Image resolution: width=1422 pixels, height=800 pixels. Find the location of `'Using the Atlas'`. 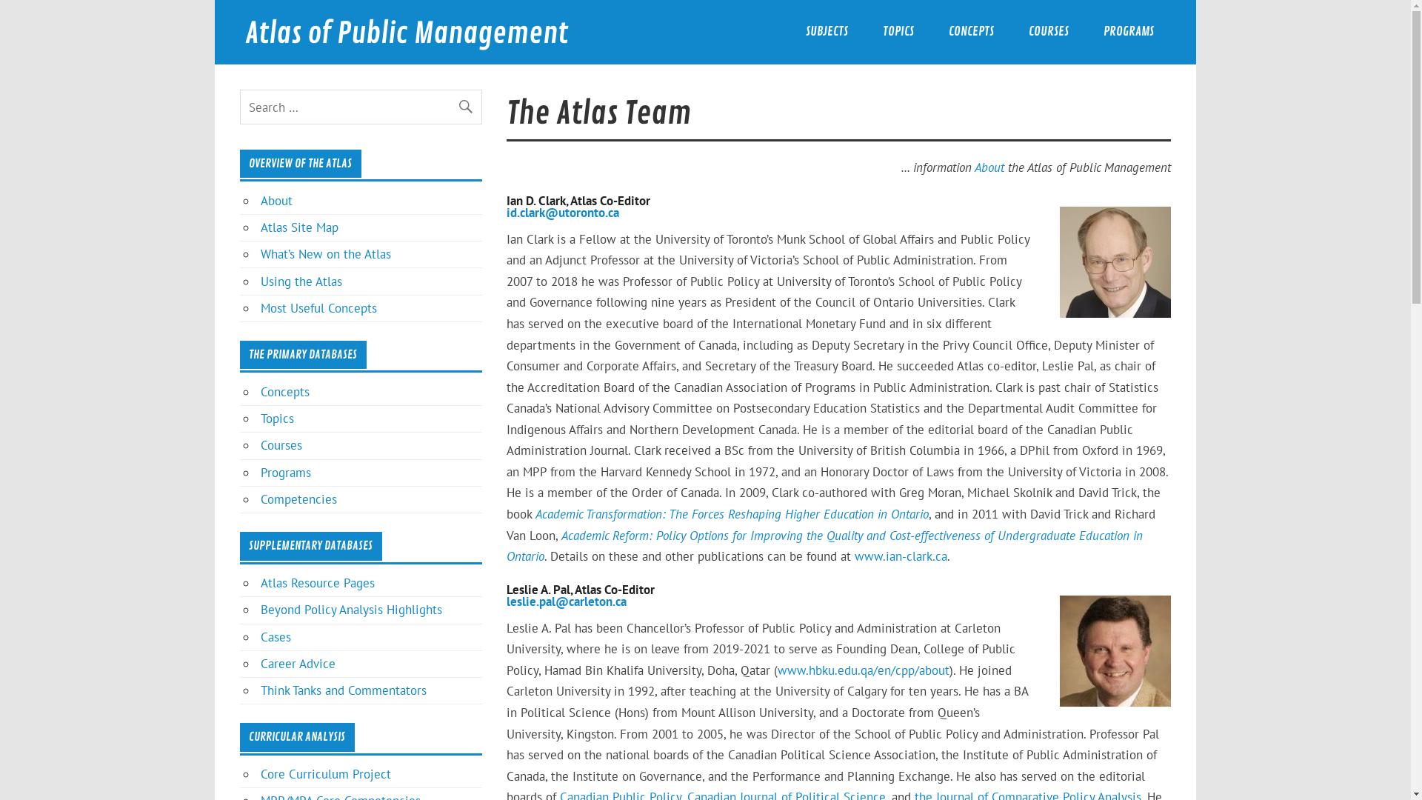

'Using the Atlas' is located at coordinates (301, 281).